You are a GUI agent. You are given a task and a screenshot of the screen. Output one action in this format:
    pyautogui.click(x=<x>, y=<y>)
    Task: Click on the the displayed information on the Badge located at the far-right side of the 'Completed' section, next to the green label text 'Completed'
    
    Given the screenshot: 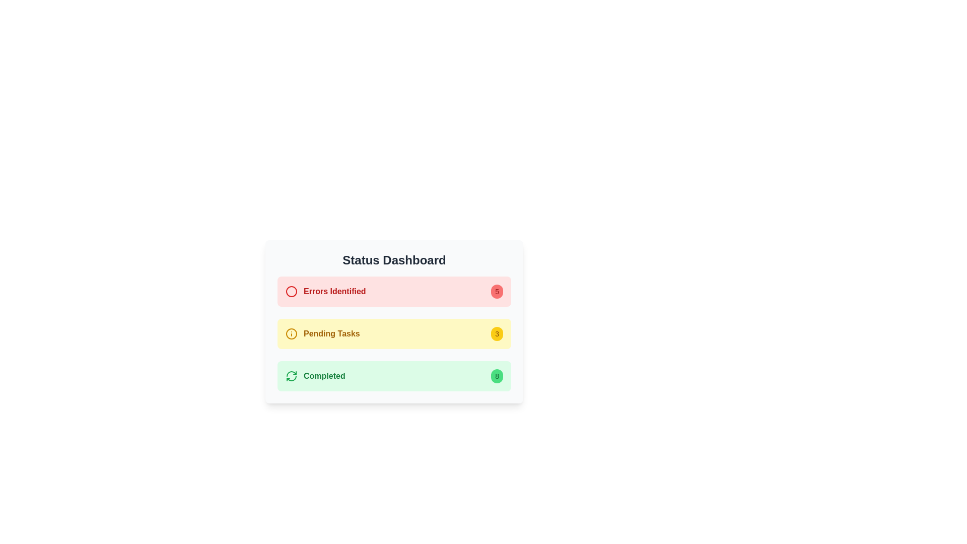 What is the action you would take?
    pyautogui.click(x=497, y=376)
    